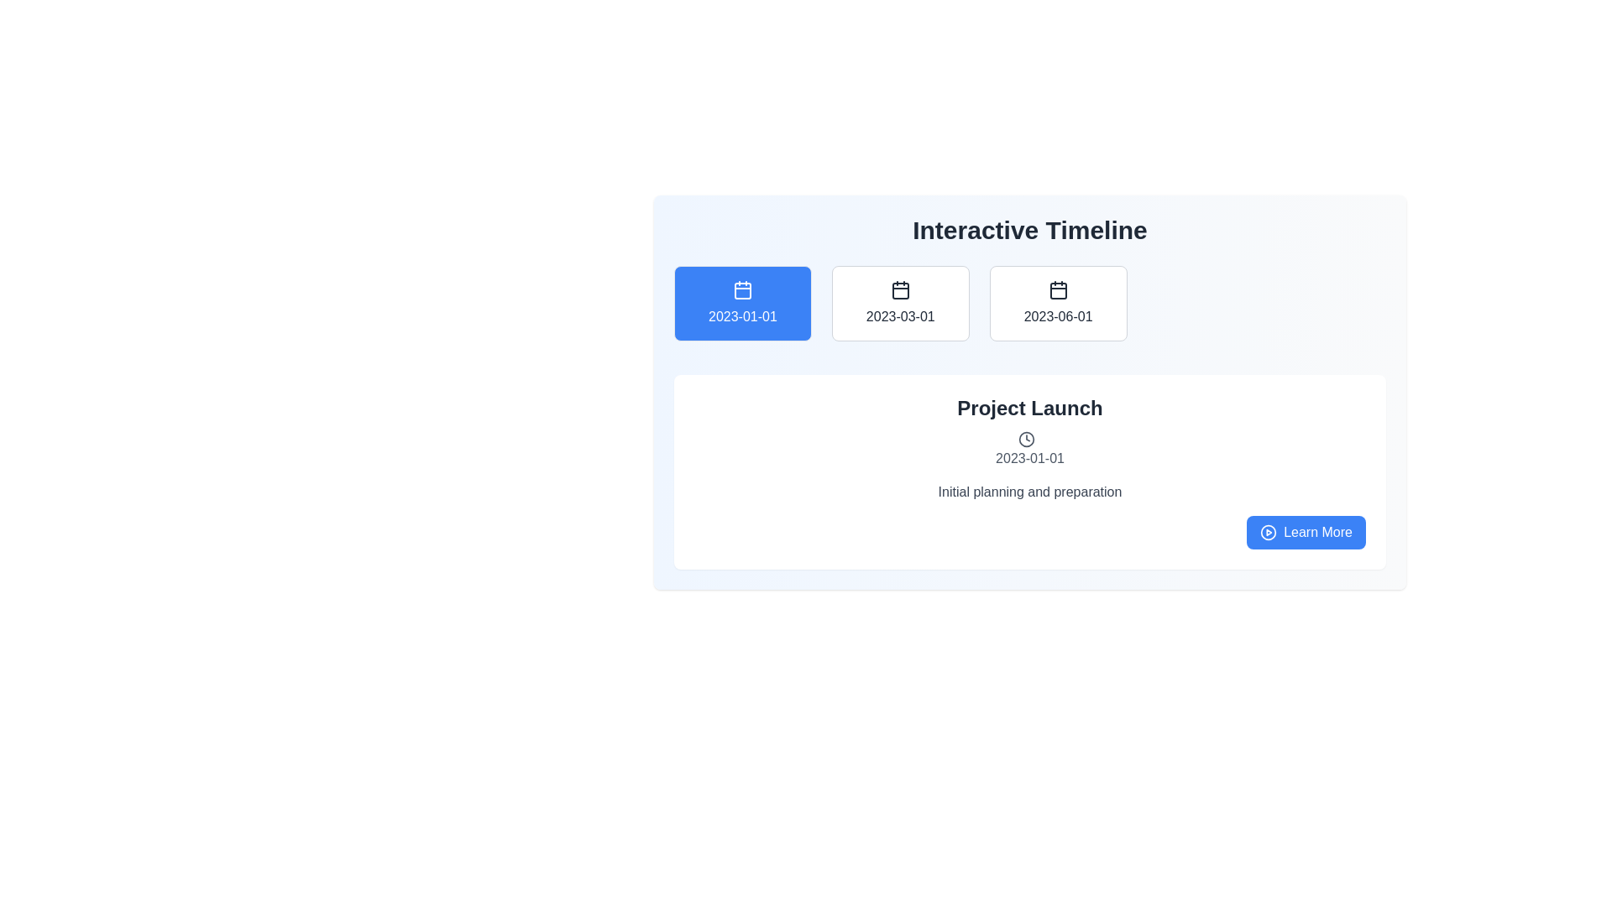 This screenshot has height=906, width=1612. Describe the element at coordinates (1057, 317) in the screenshot. I see `date displayed on the text label showing '2023-06-01', which is located in the lower portion of the third button of a horizontal set of date buttons, beneath a calendar icon` at that location.